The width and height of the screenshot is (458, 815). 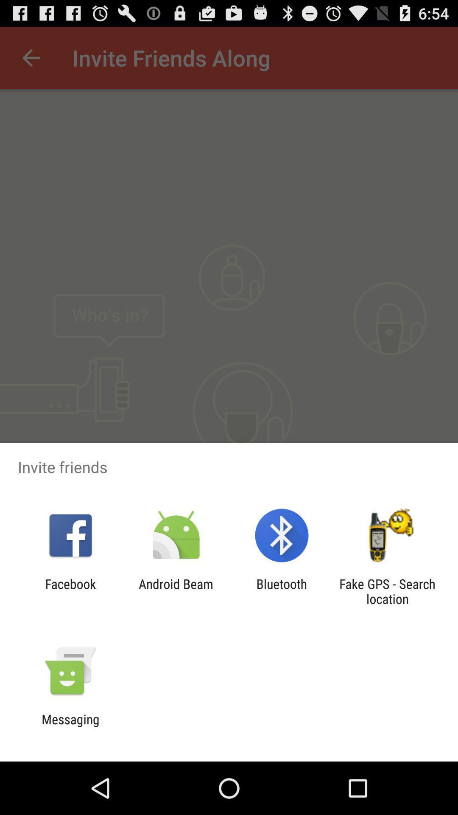 What do you see at coordinates (176, 591) in the screenshot?
I see `android beam item` at bounding box center [176, 591].